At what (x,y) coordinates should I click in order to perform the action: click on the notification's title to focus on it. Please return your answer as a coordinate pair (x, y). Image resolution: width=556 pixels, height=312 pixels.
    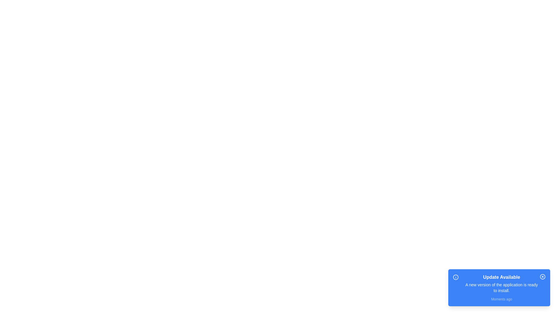
    Looking at the image, I should click on (501, 277).